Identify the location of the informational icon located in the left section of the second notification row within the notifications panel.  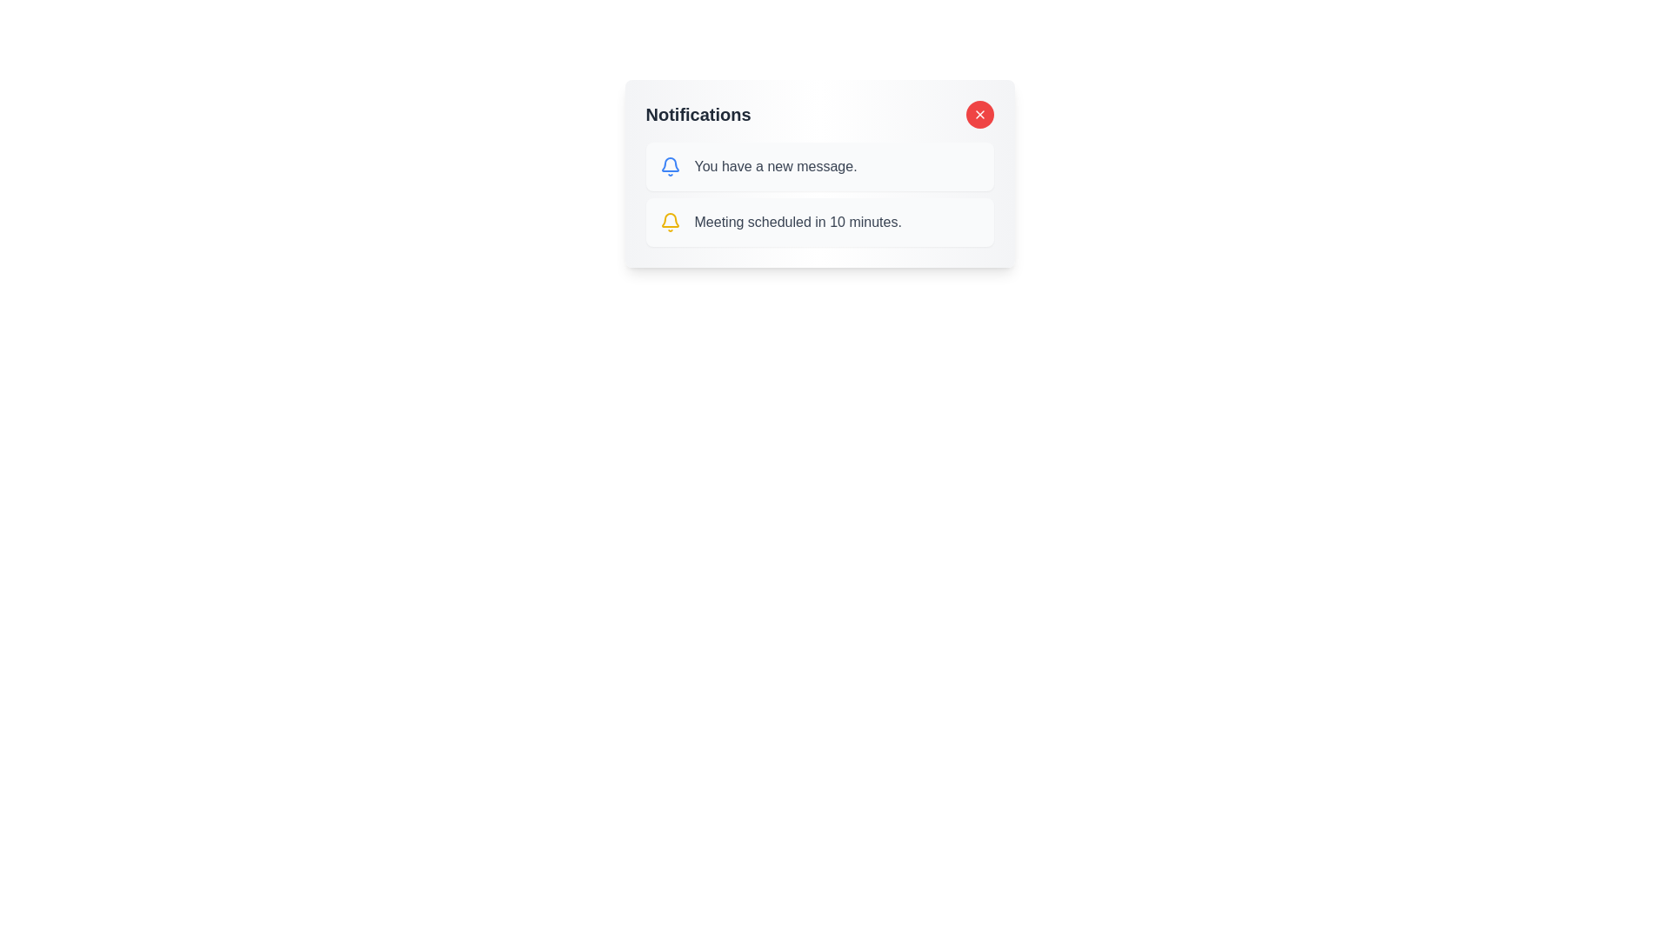
(669, 221).